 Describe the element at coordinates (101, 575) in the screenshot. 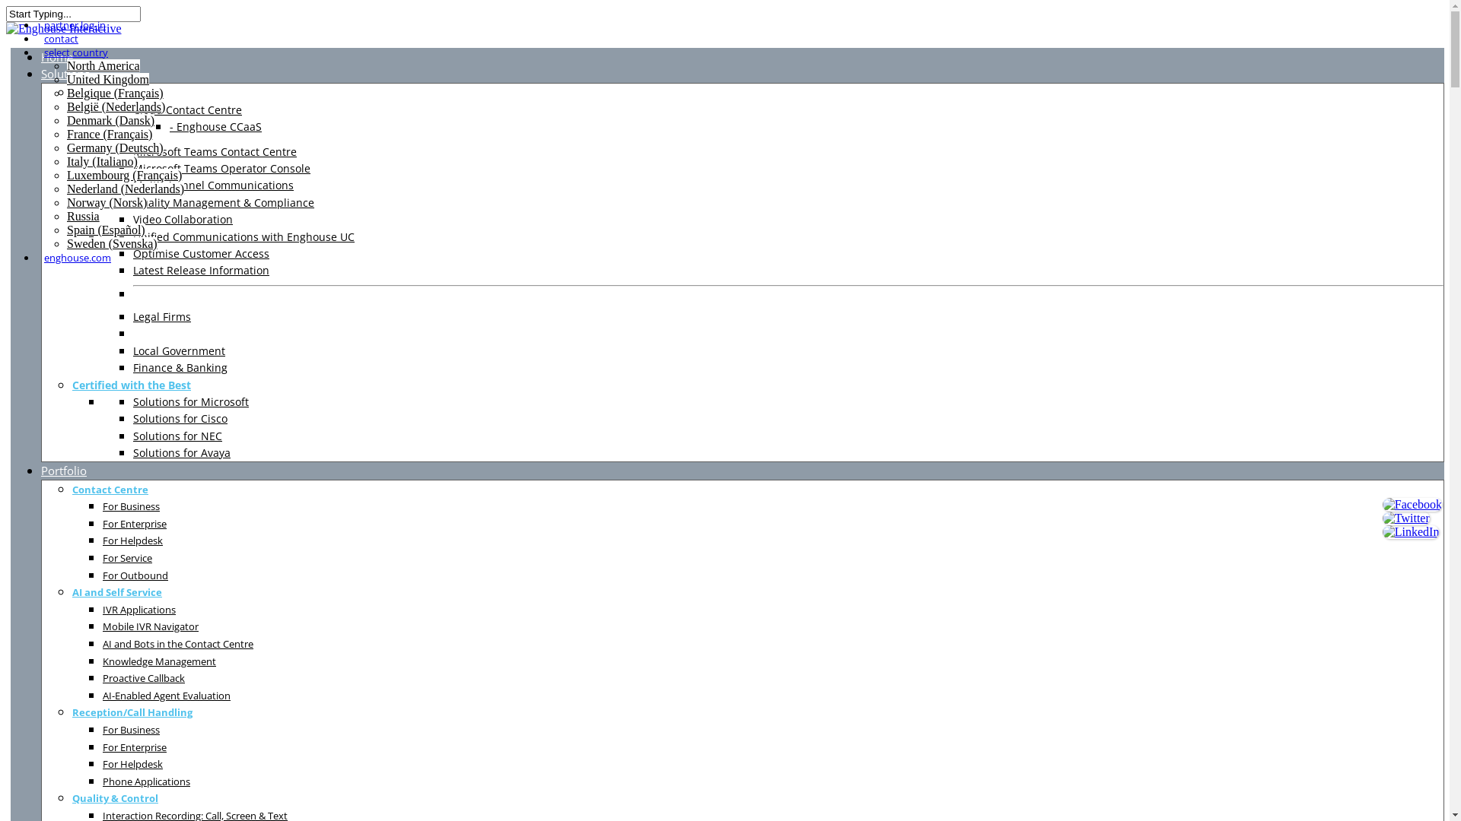

I see `'For Outbound'` at that location.